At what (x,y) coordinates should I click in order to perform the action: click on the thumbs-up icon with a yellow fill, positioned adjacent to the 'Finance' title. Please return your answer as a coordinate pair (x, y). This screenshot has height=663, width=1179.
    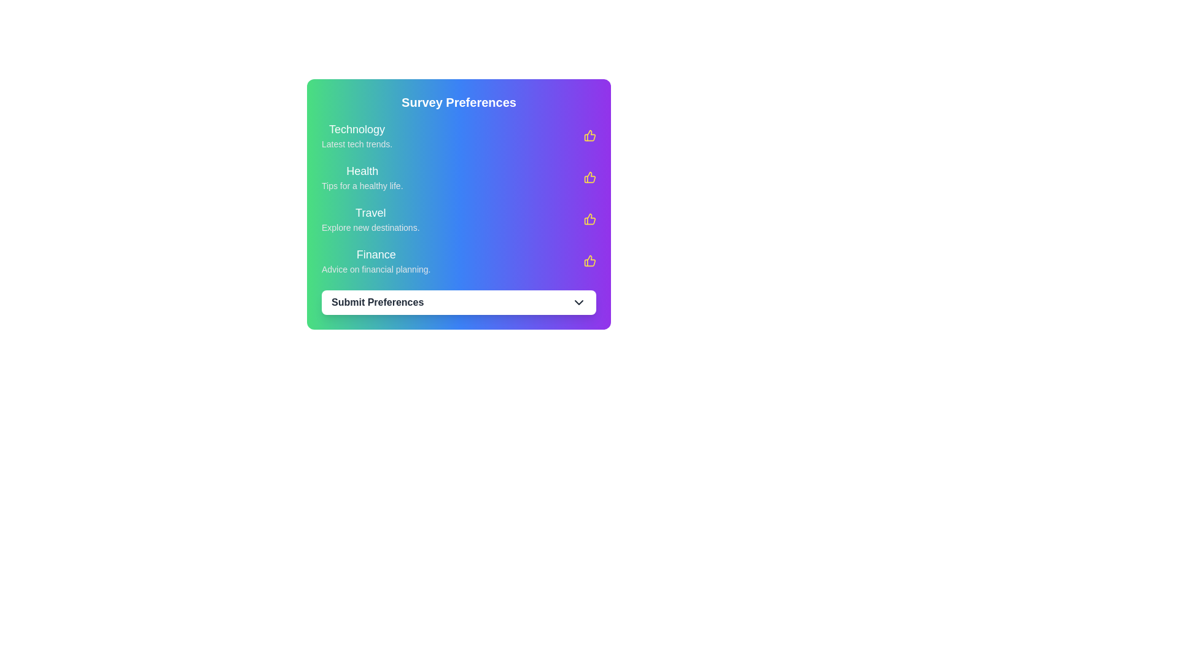
    Looking at the image, I should click on (580, 260).